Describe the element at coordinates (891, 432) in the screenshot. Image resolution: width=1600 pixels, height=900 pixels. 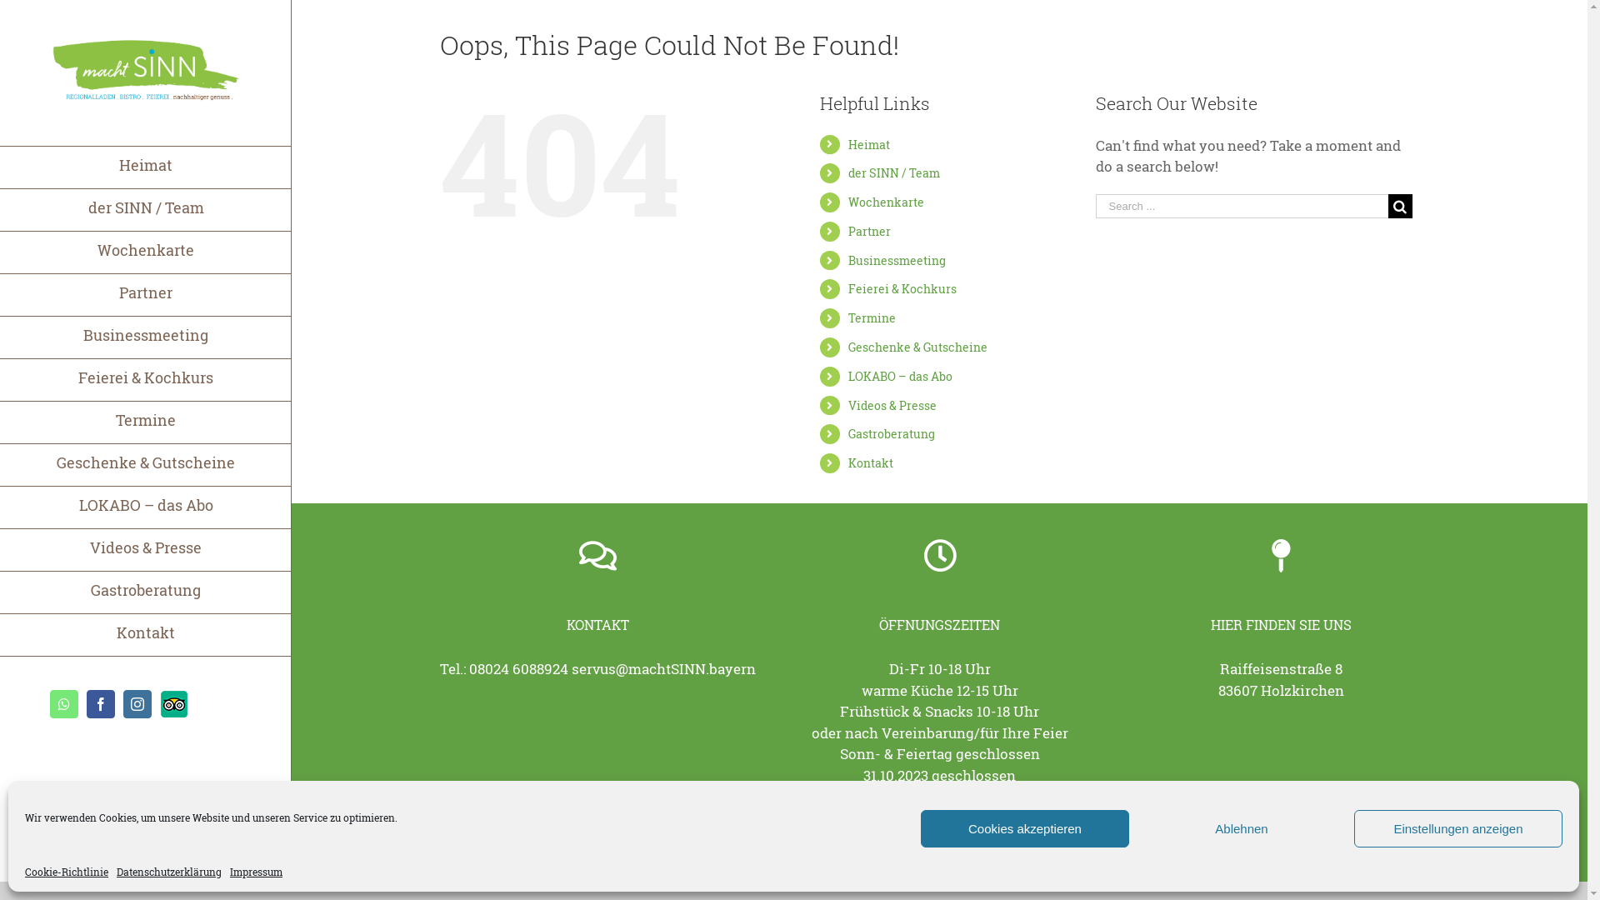
I see `'Gastroberatung'` at that location.